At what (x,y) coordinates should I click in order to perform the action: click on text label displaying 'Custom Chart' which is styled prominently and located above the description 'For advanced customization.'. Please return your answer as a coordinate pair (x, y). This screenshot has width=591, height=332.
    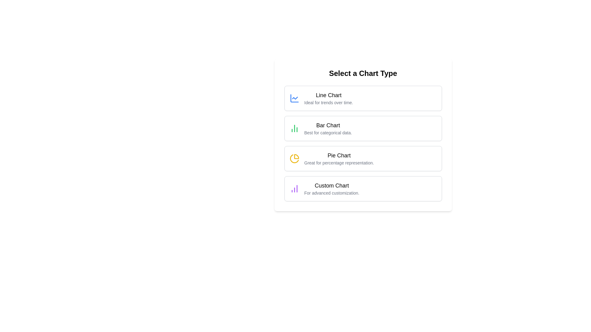
    Looking at the image, I should click on (332, 185).